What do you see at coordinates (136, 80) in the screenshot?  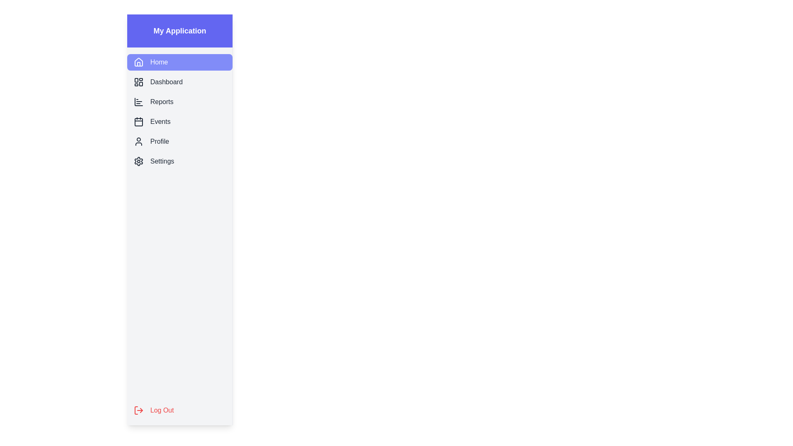 I see `the top-left rectangular component of the Dashboard icon in the sidebar to visually identify the Dashboard section` at bounding box center [136, 80].